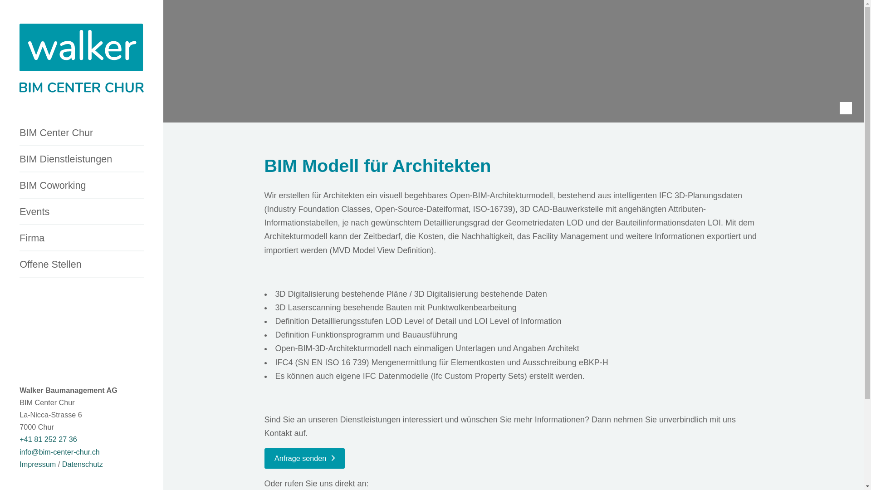 Image resolution: width=871 pixels, height=490 pixels. Describe the element at coordinates (82, 238) in the screenshot. I see `'Firma'` at that location.